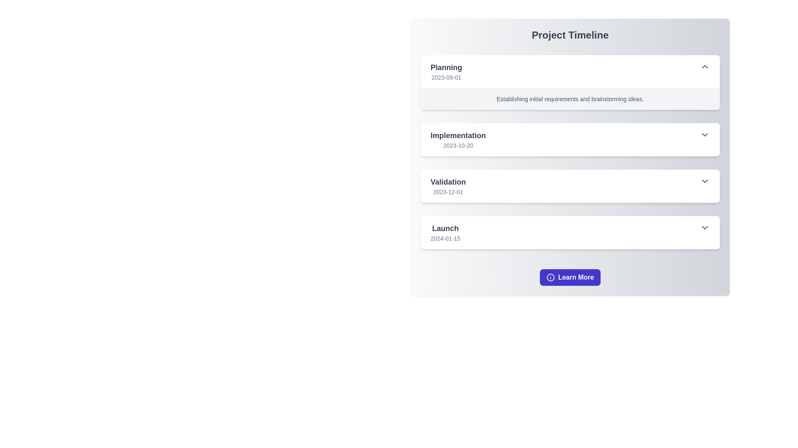  Describe the element at coordinates (448, 185) in the screenshot. I see `the static textual display that shows 'Validation' and '2023-12-01'` at that location.